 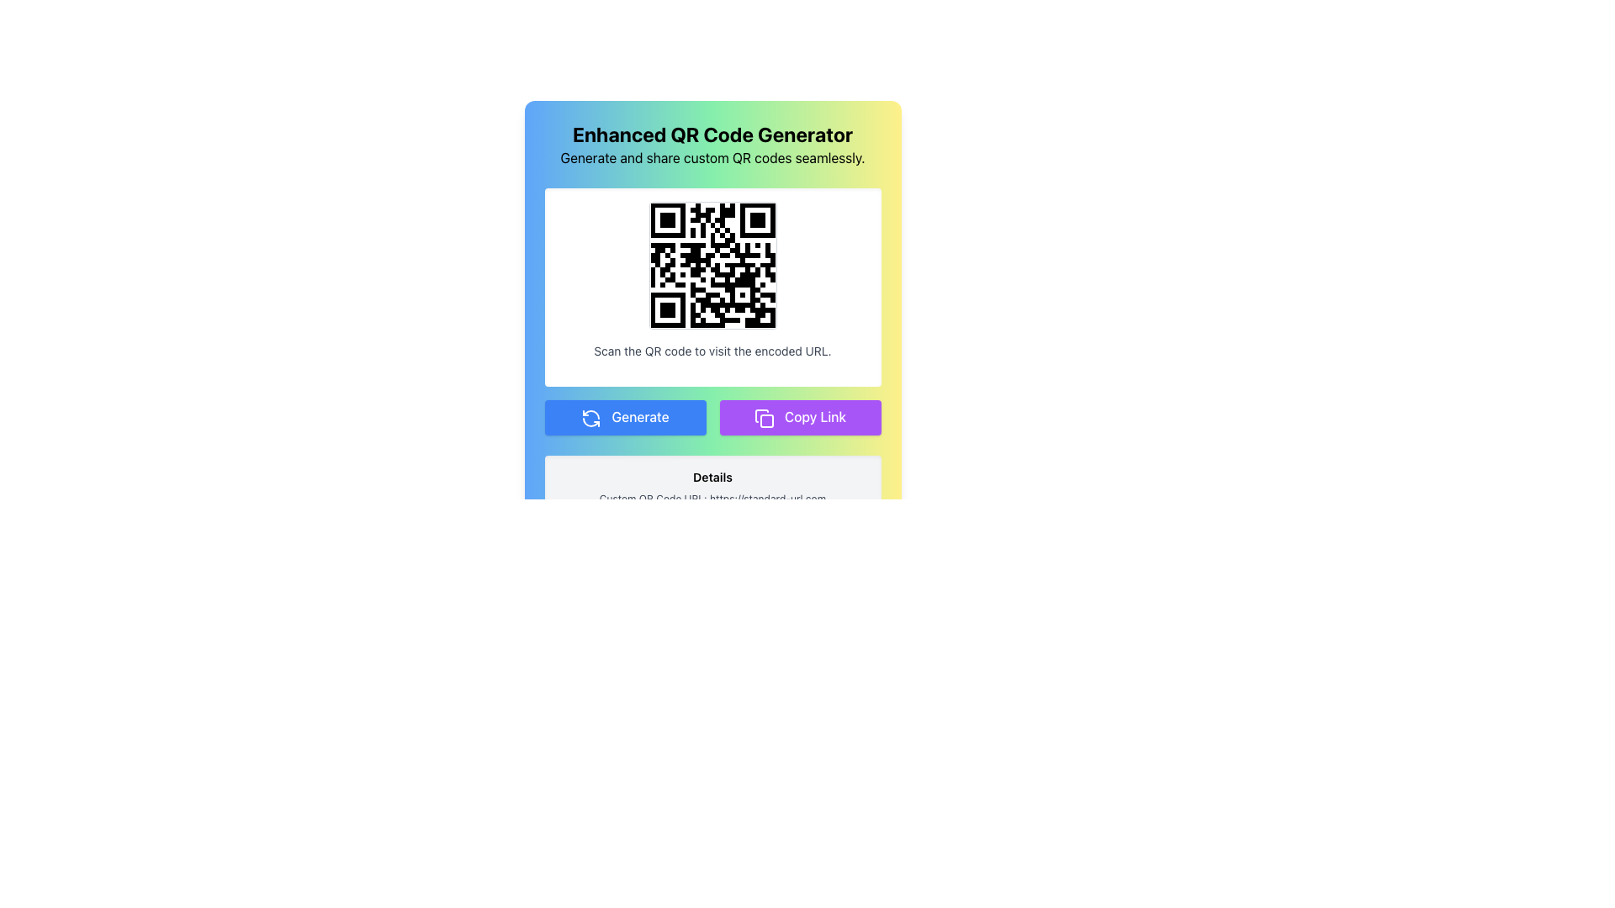 I want to click on text label that displays 'Details' at the top of the QR code section, which is styled in bold and slightly larger font, so click(x=712, y=477).